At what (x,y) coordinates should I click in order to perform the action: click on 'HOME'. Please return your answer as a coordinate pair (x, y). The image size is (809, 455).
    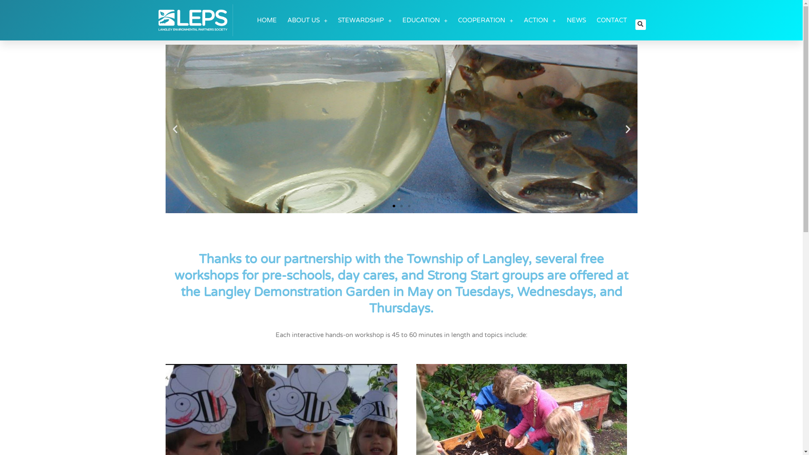
    Looking at the image, I should click on (266, 19).